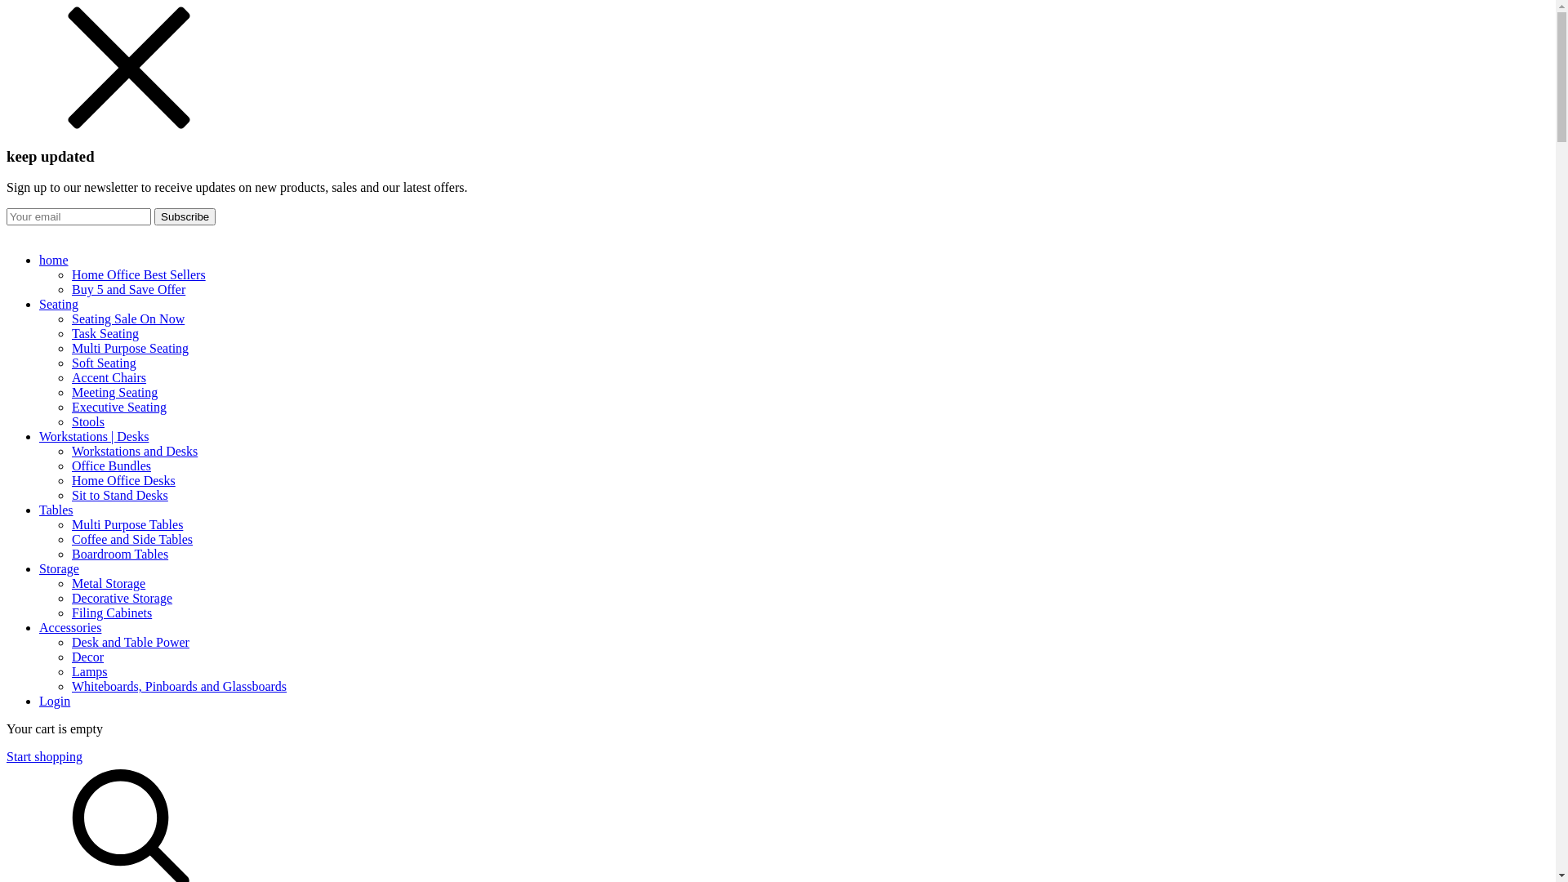  Describe the element at coordinates (138, 274) in the screenshot. I see `'Home Office Best Sellers'` at that location.